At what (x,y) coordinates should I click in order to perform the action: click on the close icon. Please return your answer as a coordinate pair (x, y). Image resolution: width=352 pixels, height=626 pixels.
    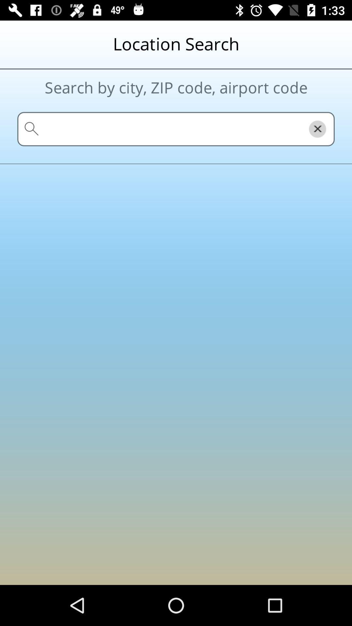
    Looking at the image, I should click on (317, 129).